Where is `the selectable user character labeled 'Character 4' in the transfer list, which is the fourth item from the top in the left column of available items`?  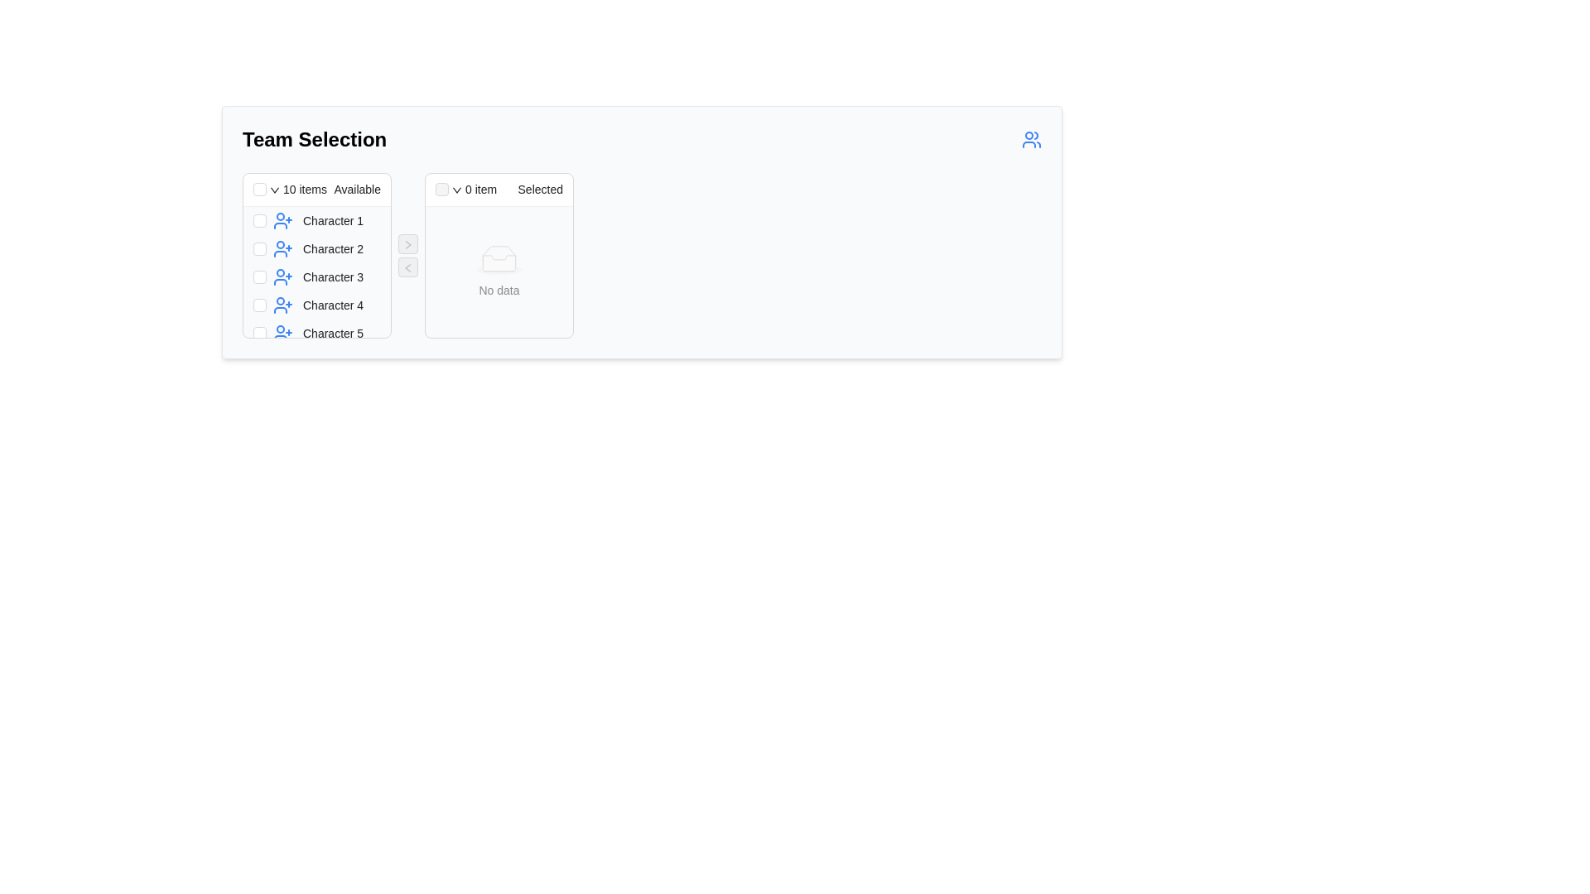
the selectable user character labeled 'Character 4' in the transfer list, which is the fourth item from the top in the left column of available items is located at coordinates (326, 305).